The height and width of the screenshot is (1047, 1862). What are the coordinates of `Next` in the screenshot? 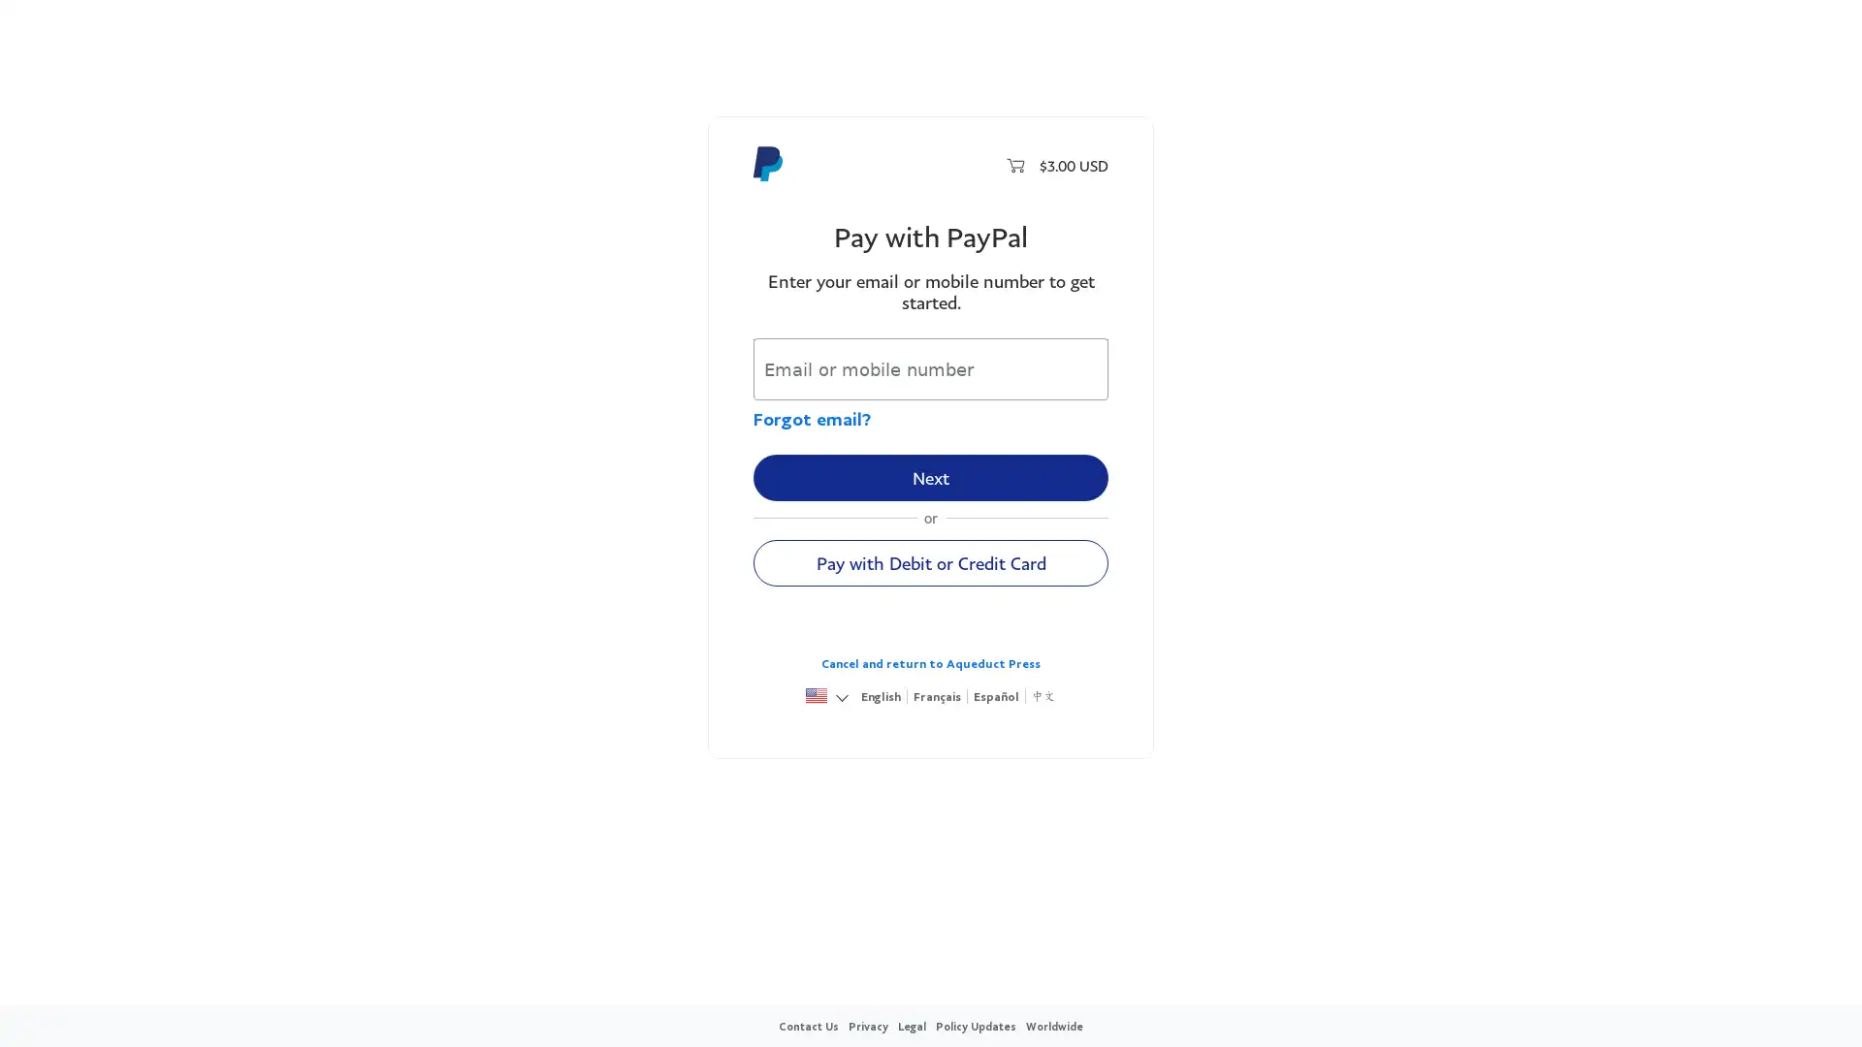 It's located at (931, 478).